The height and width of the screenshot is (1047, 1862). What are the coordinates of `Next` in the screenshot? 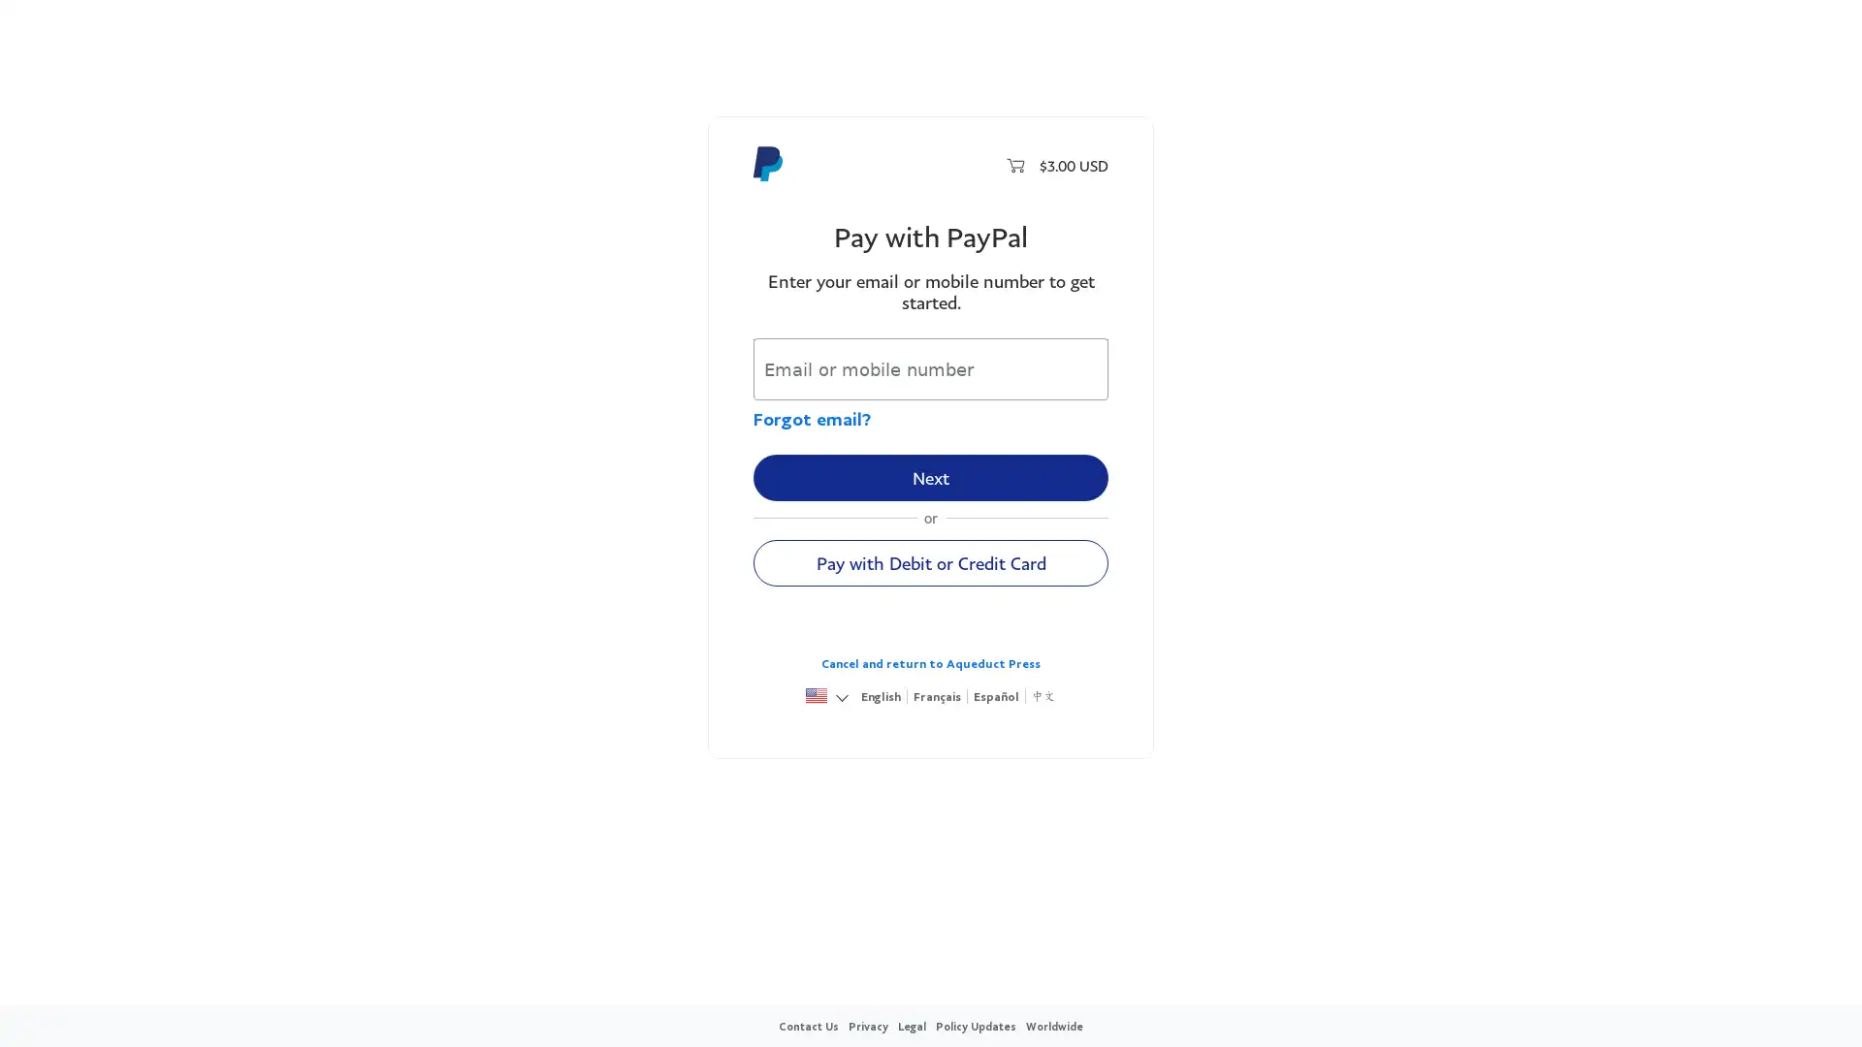 It's located at (931, 478).